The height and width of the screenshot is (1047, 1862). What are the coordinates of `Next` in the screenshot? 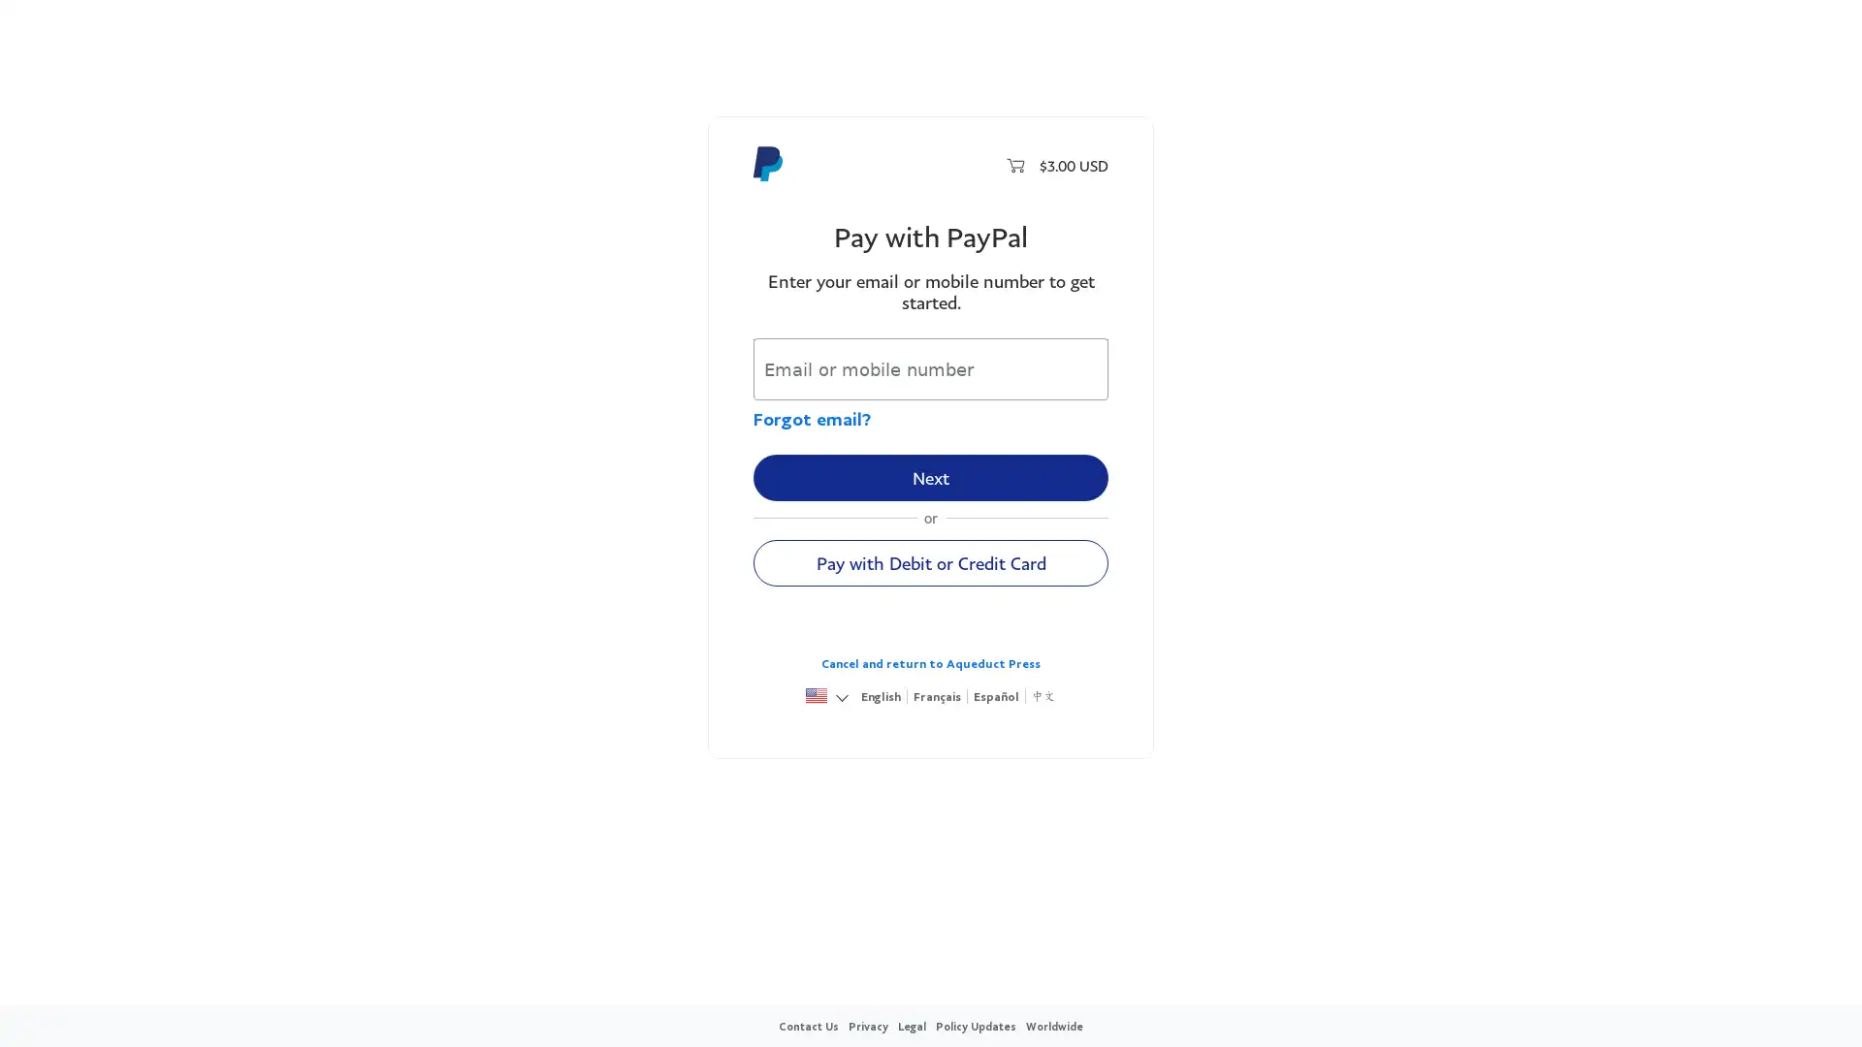 It's located at (931, 478).